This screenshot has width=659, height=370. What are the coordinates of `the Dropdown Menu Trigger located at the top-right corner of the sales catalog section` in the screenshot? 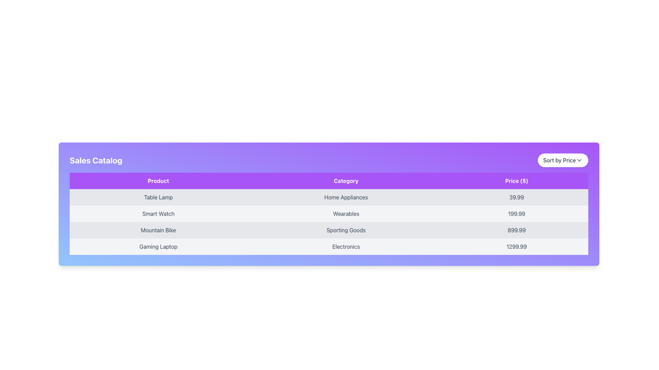 It's located at (563, 160).